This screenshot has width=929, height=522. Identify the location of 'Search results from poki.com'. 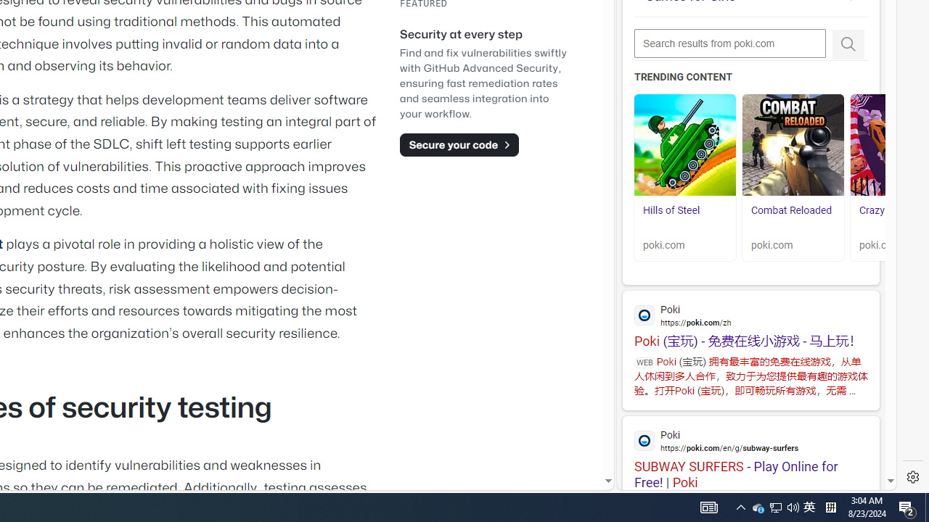
(730, 43).